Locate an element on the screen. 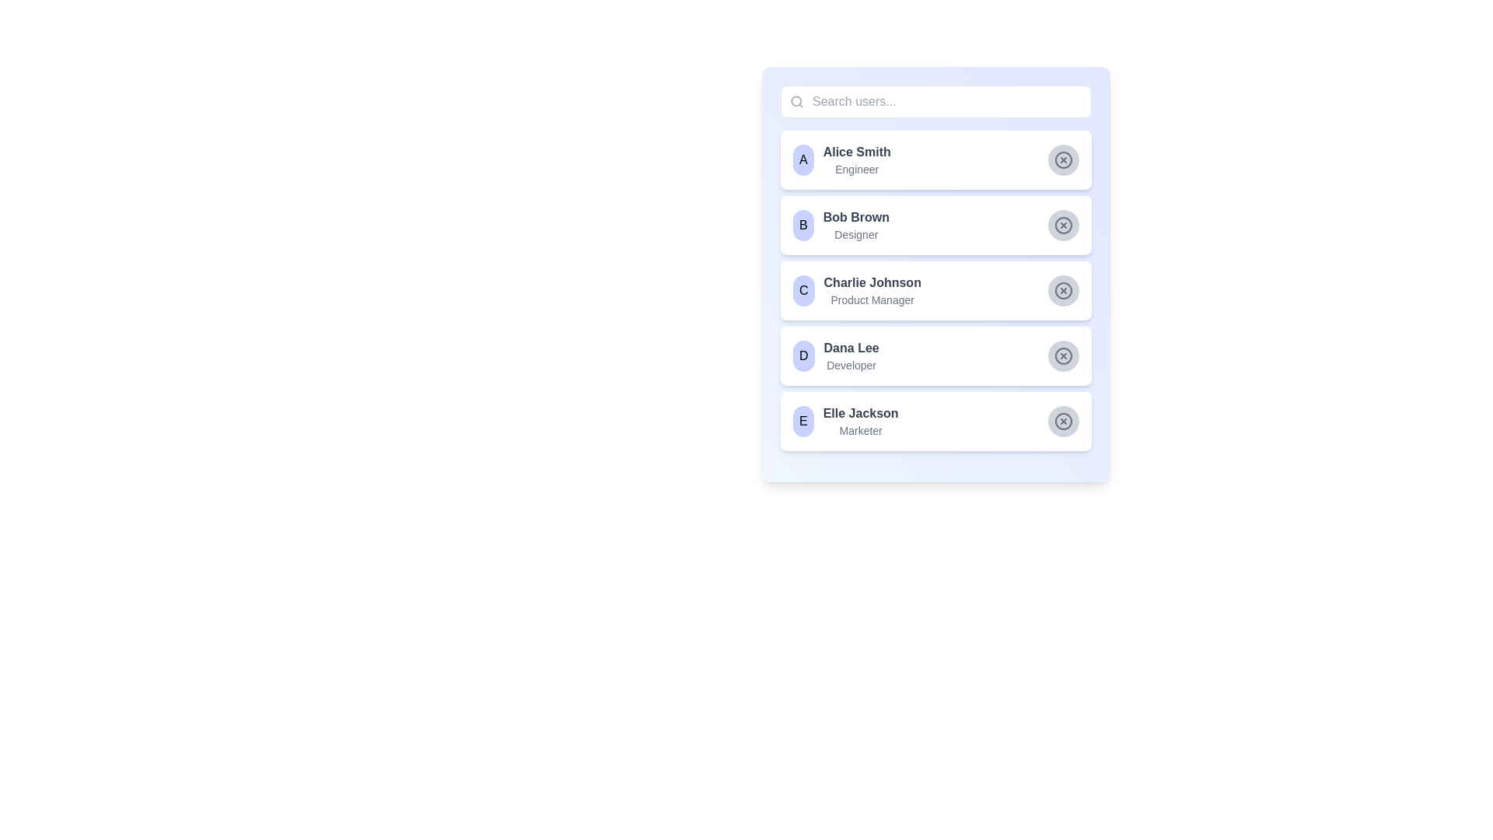 Image resolution: width=1493 pixels, height=840 pixels. the Profile entry card that displays the user's name and role, which is the second item in a vertically stacked list, located between two other similar items is located at coordinates (840, 225).